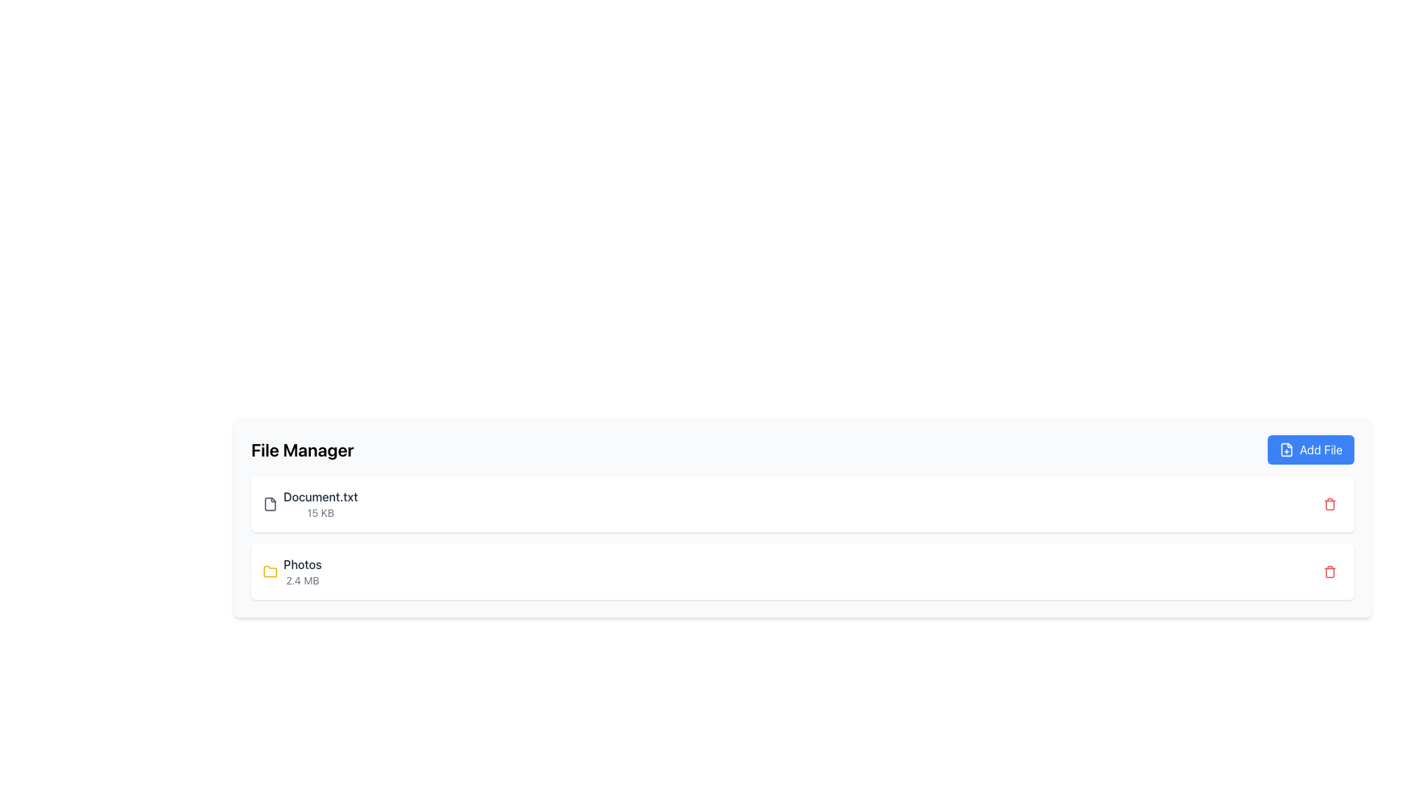 This screenshot has width=1411, height=794. Describe the element at coordinates (1285, 449) in the screenshot. I see `the icon that suggests adding a new file, located to the left of the 'Add File' text label in the top-right corner of the file management interface` at that location.